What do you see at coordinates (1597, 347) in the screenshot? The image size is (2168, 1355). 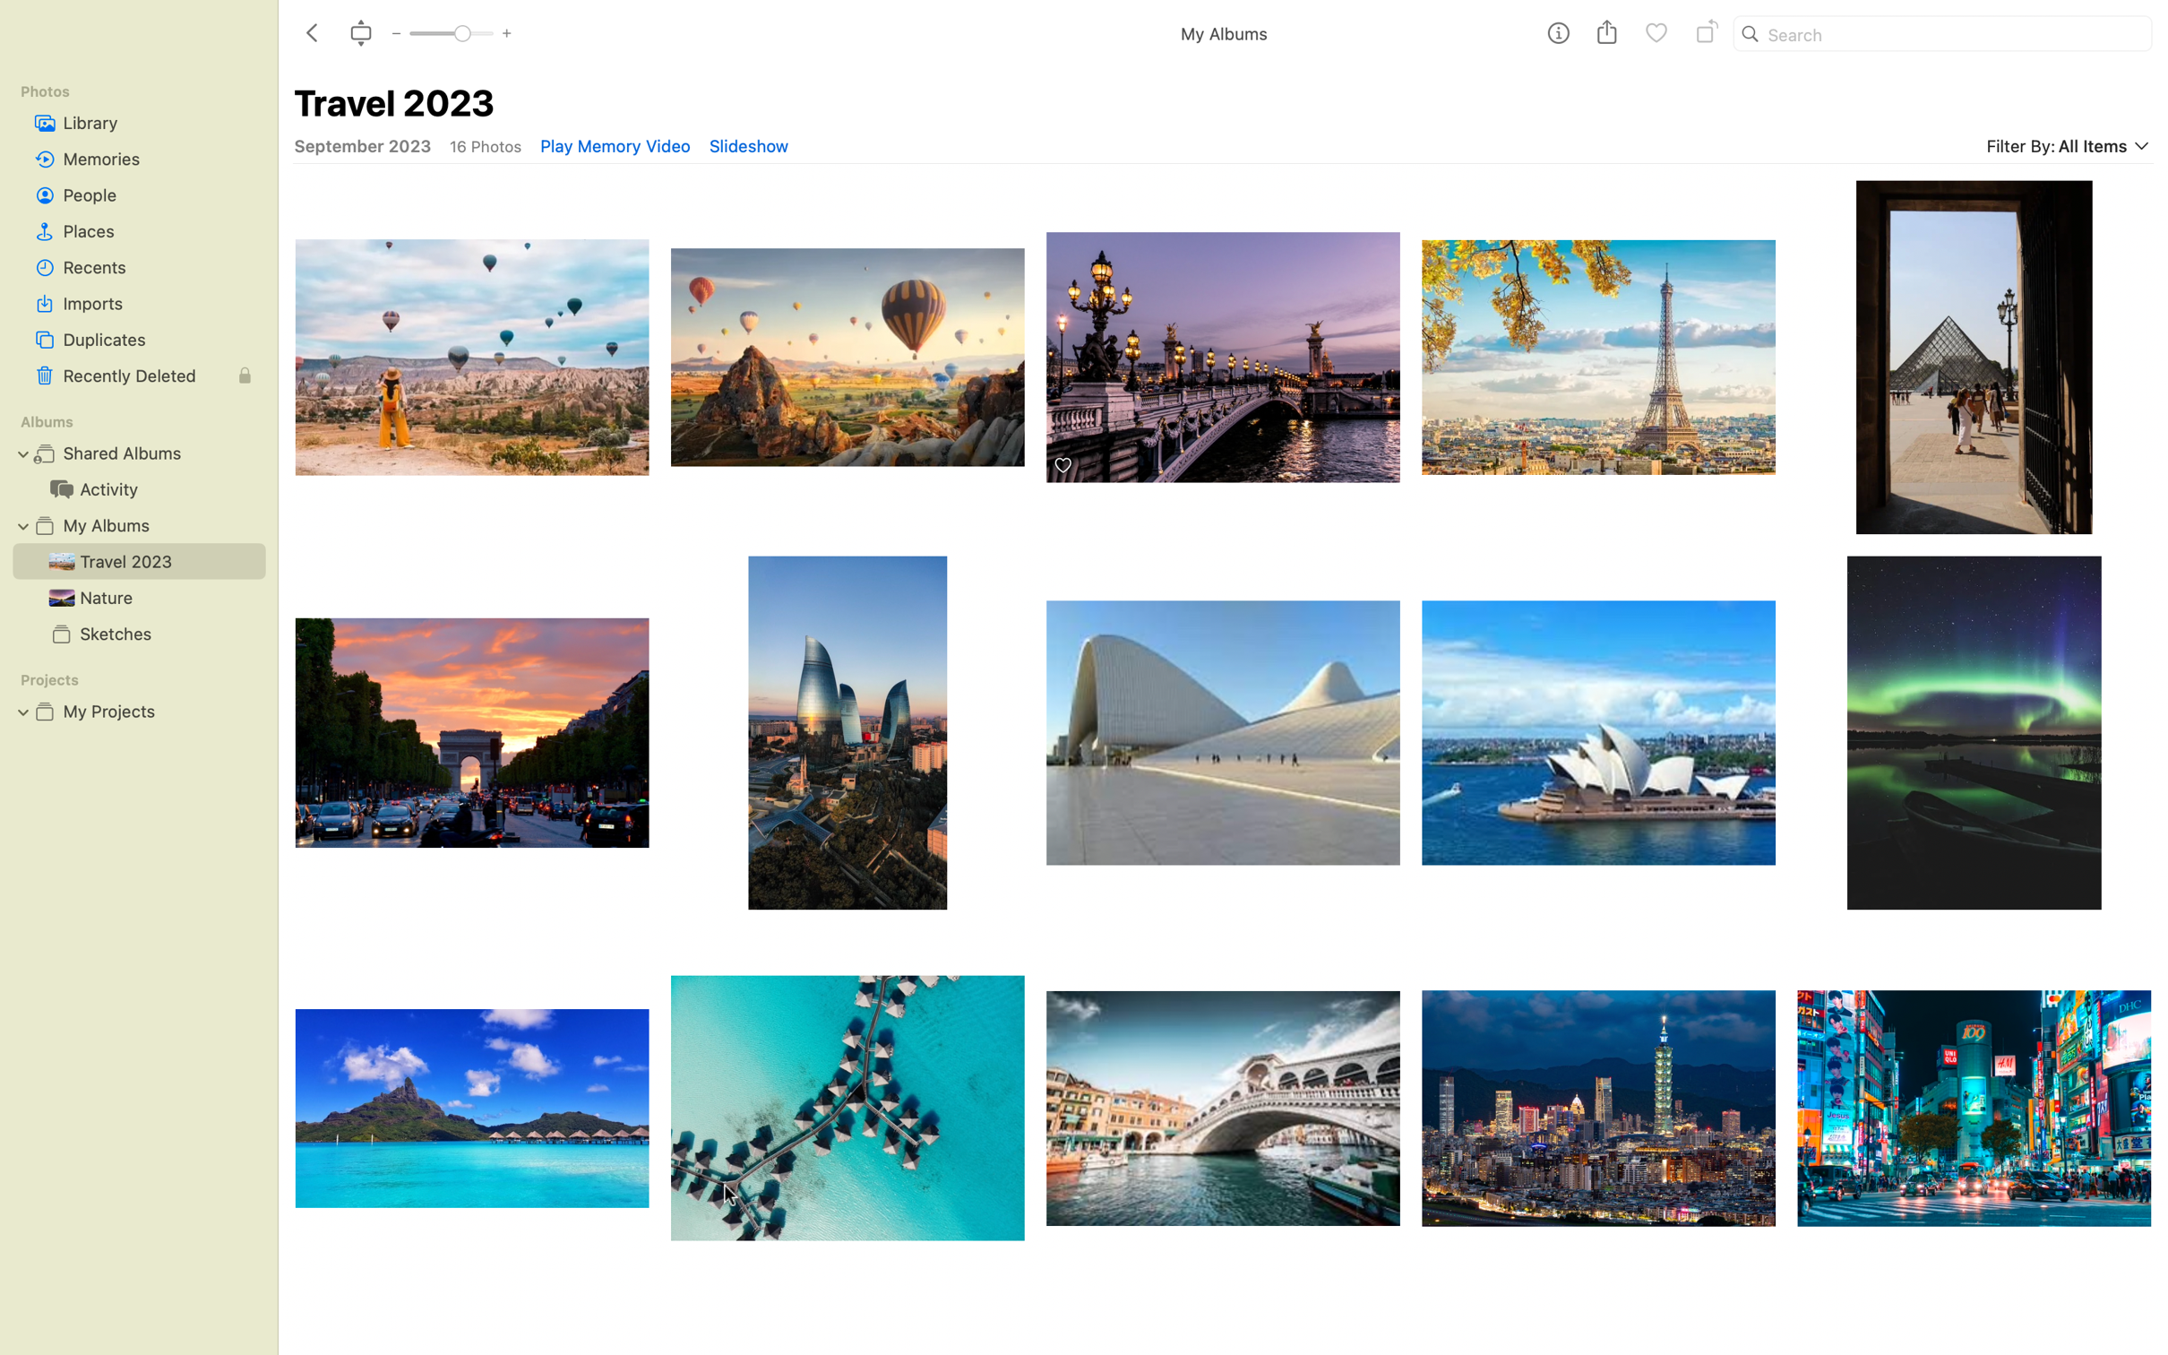 I see `a rotation thrice on the Louvre photo` at bounding box center [1597, 347].